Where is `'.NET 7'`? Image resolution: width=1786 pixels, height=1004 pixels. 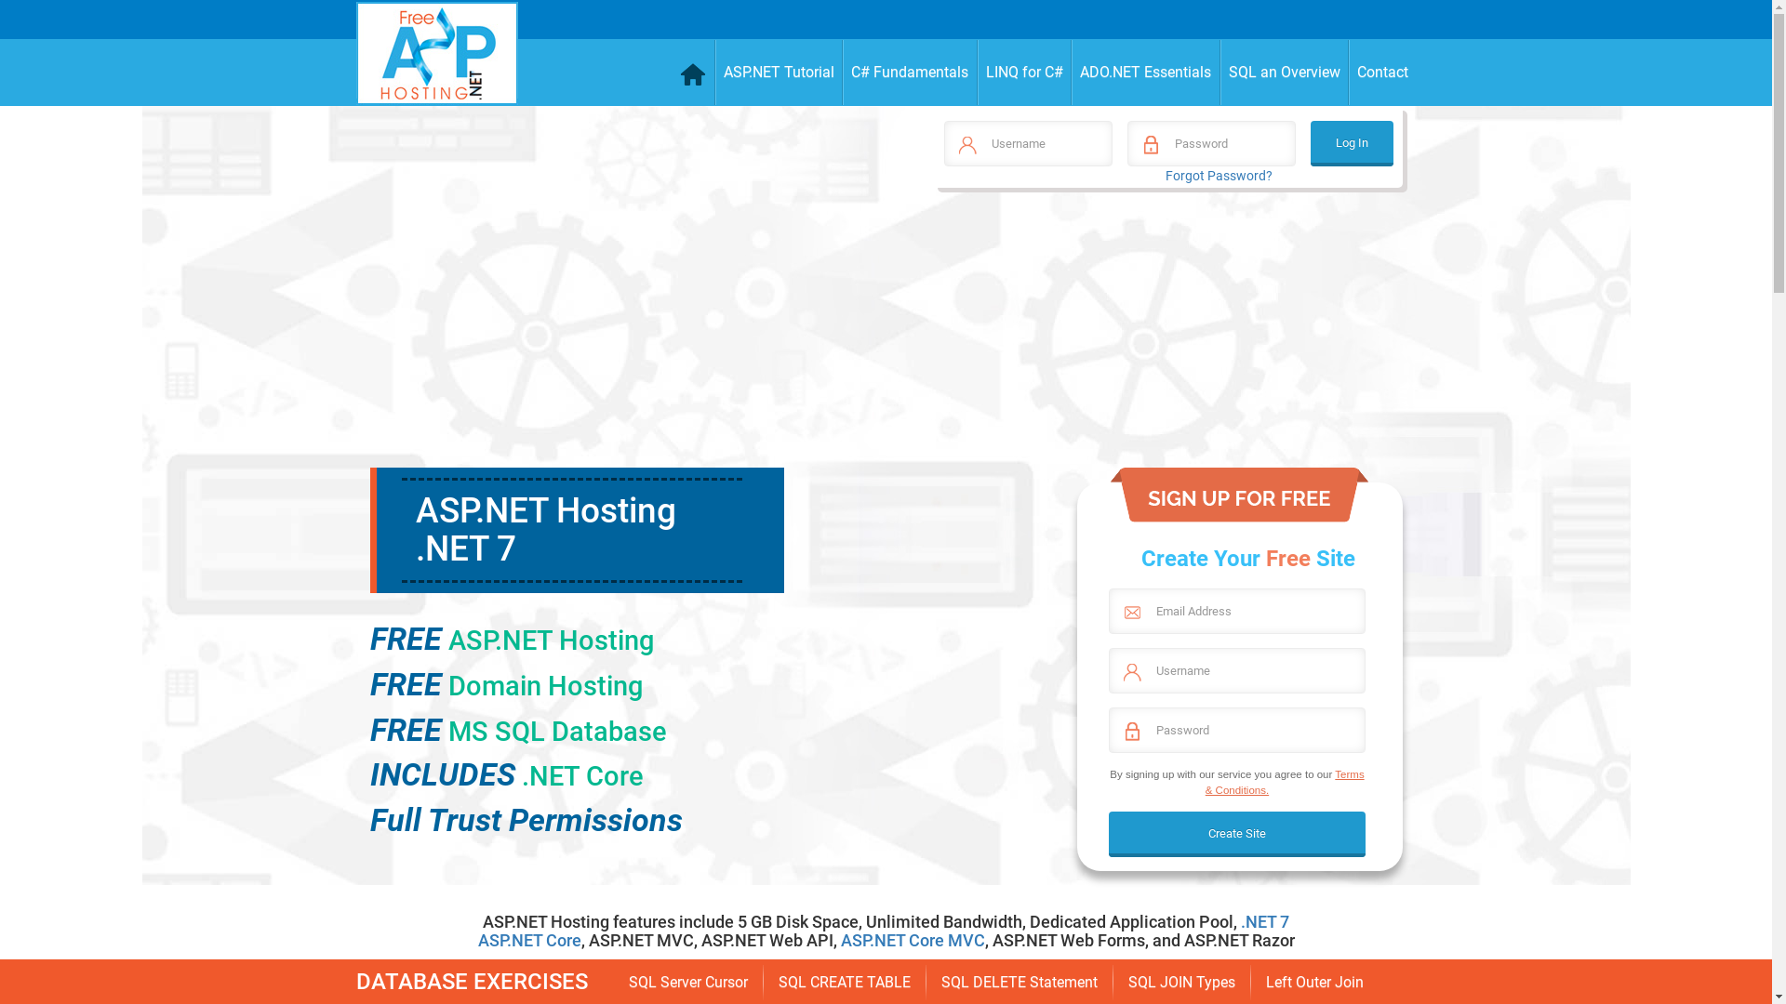
'.NET 7' is located at coordinates (1264, 921).